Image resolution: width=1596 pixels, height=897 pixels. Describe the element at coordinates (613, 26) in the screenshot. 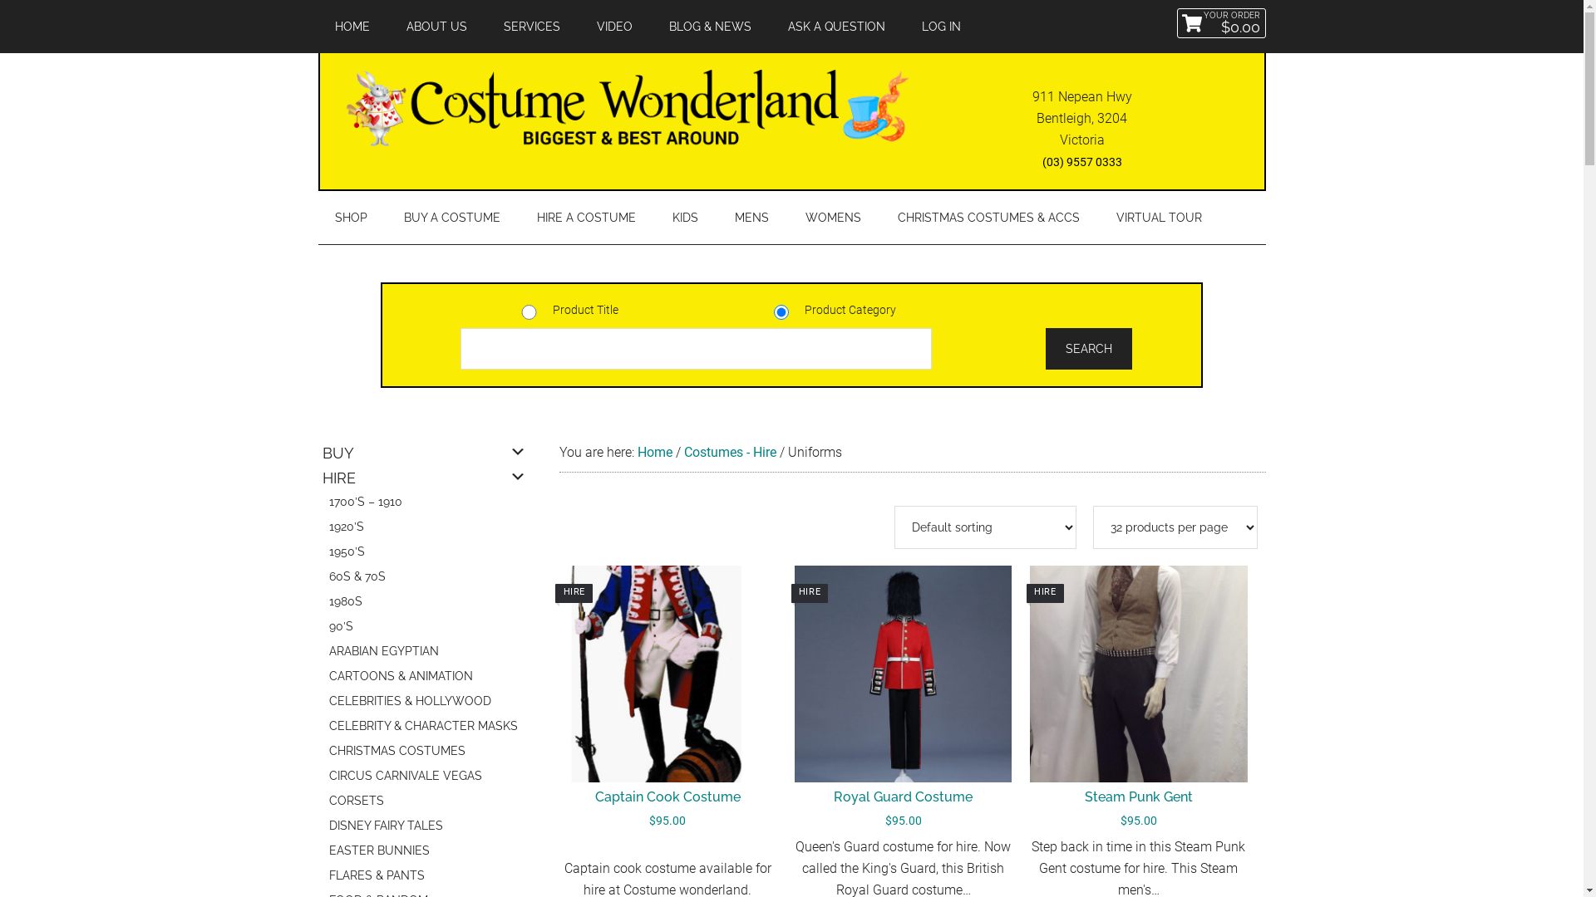

I see `'VIDEO'` at that location.